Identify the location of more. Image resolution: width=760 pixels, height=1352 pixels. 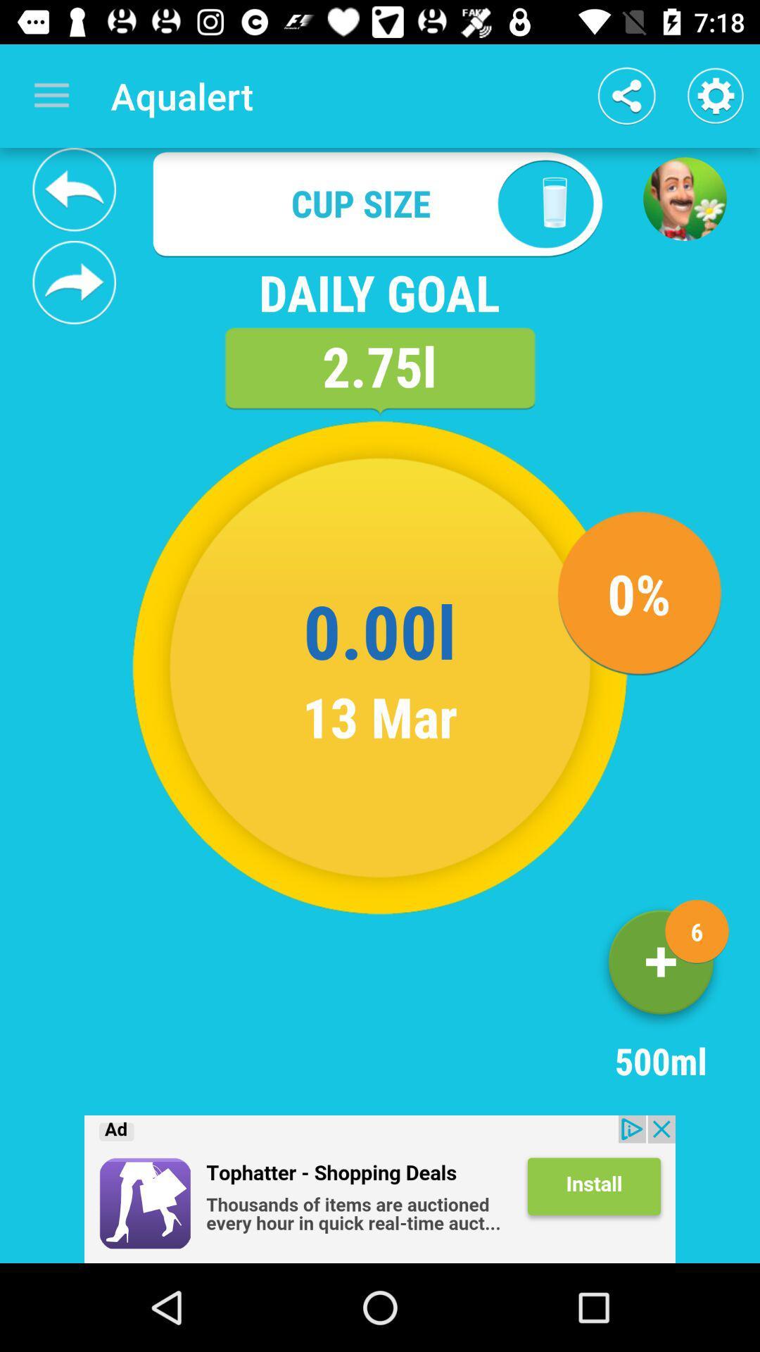
(661, 967).